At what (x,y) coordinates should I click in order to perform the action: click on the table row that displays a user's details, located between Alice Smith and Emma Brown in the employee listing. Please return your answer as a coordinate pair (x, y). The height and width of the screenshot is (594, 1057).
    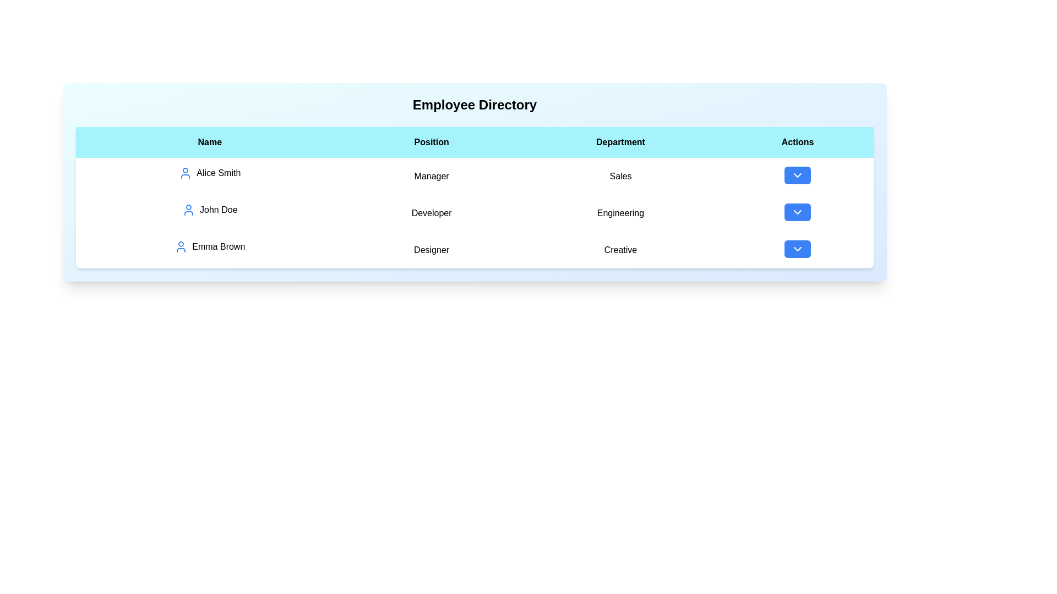
    Looking at the image, I should click on (475, 213).